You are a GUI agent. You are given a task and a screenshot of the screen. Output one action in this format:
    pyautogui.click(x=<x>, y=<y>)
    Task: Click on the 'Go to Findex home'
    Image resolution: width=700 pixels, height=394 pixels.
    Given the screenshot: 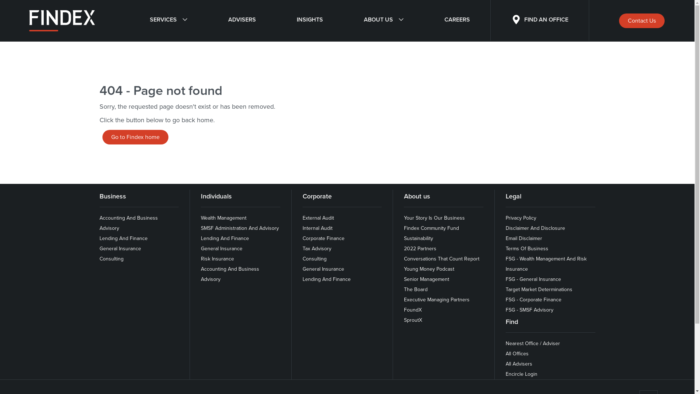 What is the action you would take?
    pyautogui.click(x=135, y=137)
    